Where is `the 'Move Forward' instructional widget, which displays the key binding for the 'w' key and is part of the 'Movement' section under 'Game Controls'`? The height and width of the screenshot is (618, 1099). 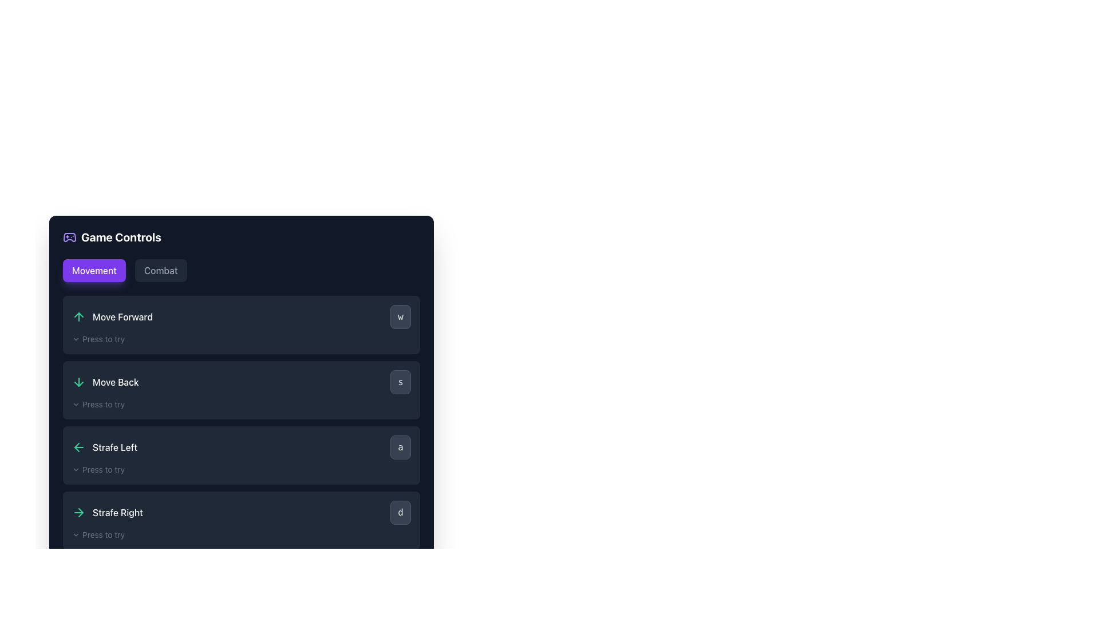 the 'Move Forward' instructional widget, which displays the key binding for the 'w' key and is part of the 'Movement' section under 'Game Controls' is located at coordinates (241, 423).